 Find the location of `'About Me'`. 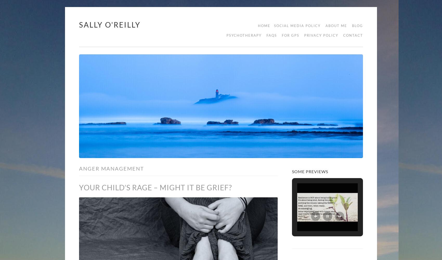

'About Me' is located at coordinates (336, 25).